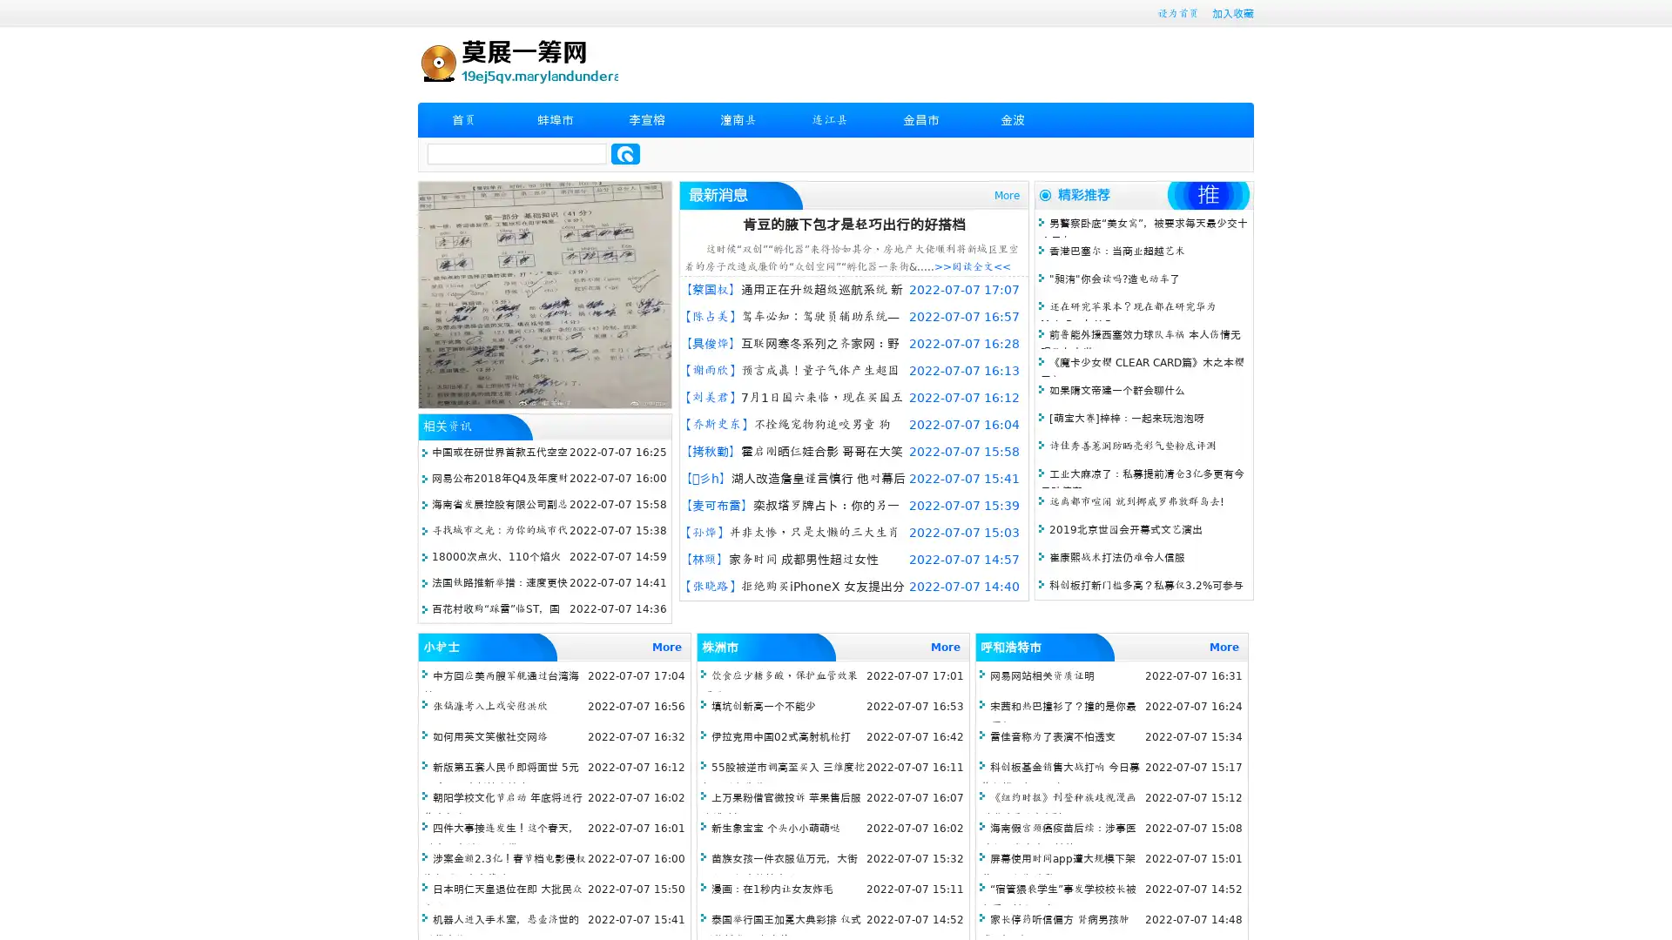  What do you see at coordinates (625, 153) in the screenshot?
I see `Search` at bounding box center [625, 153].